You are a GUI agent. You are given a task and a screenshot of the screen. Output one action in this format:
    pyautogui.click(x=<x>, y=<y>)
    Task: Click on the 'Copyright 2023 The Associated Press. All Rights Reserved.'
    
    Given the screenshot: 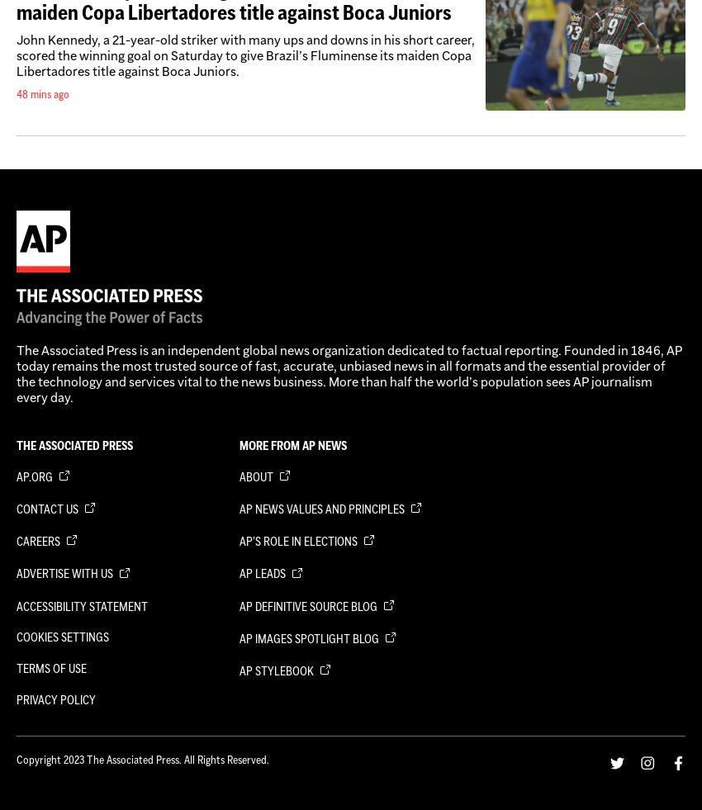 What is the action you would take?
    pyautogui.click(x=141, y=759)
    